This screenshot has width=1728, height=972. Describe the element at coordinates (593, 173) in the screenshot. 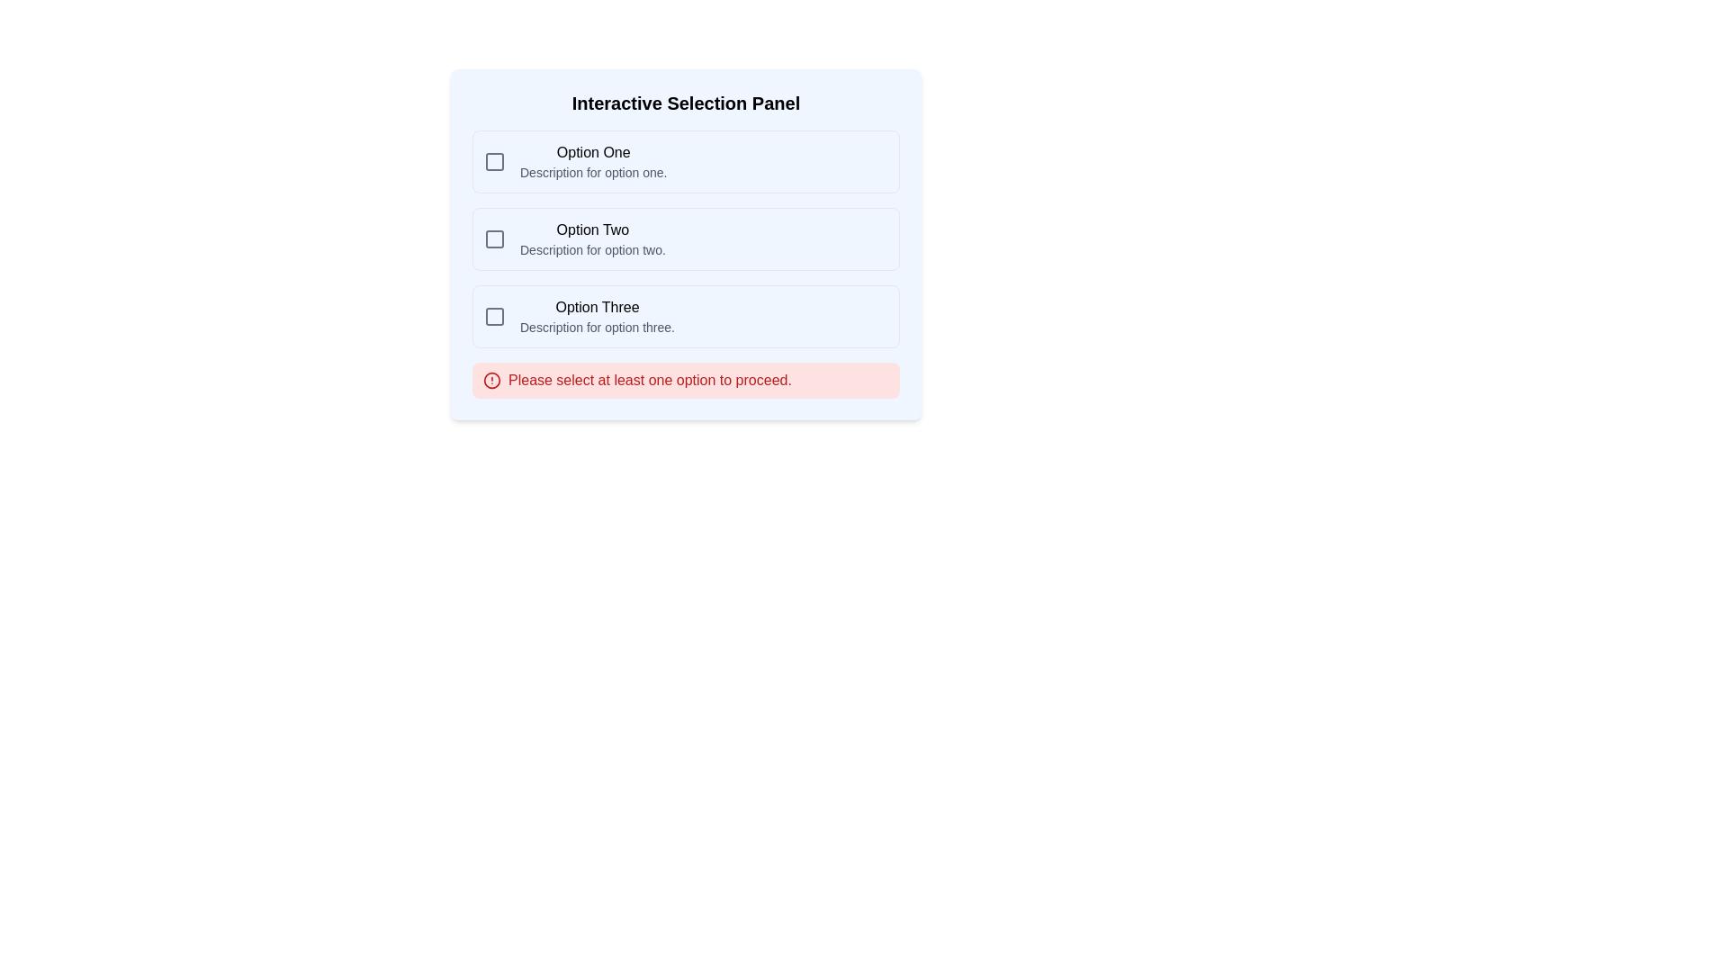

I see `the informational text label that provides details about 'Option One', located directly below the title text in the first option box of the interaction panel` at that location.